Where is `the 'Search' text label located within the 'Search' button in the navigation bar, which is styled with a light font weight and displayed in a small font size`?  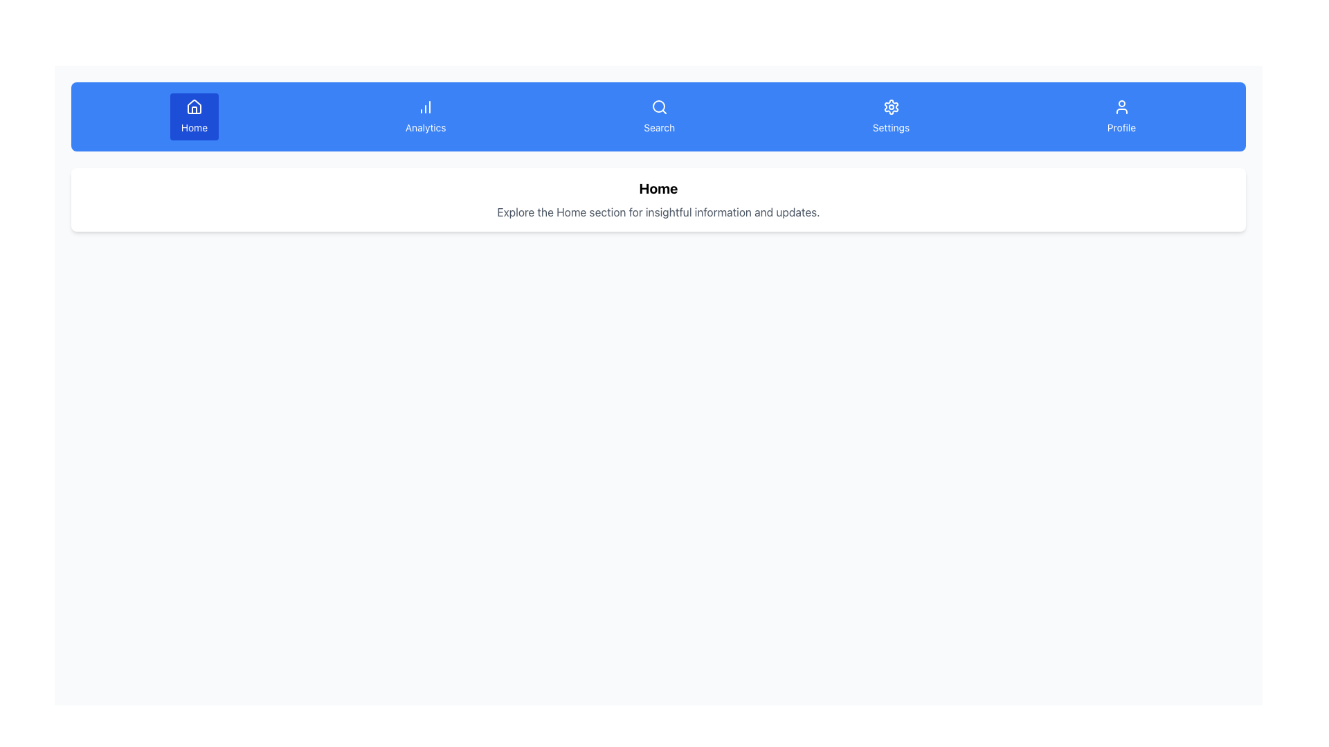
the 'Search' text label located within the 'Search' button in the navigation bar, which is styled with a light font weight and displayed in a small font size is located at coordinates (658, 128).